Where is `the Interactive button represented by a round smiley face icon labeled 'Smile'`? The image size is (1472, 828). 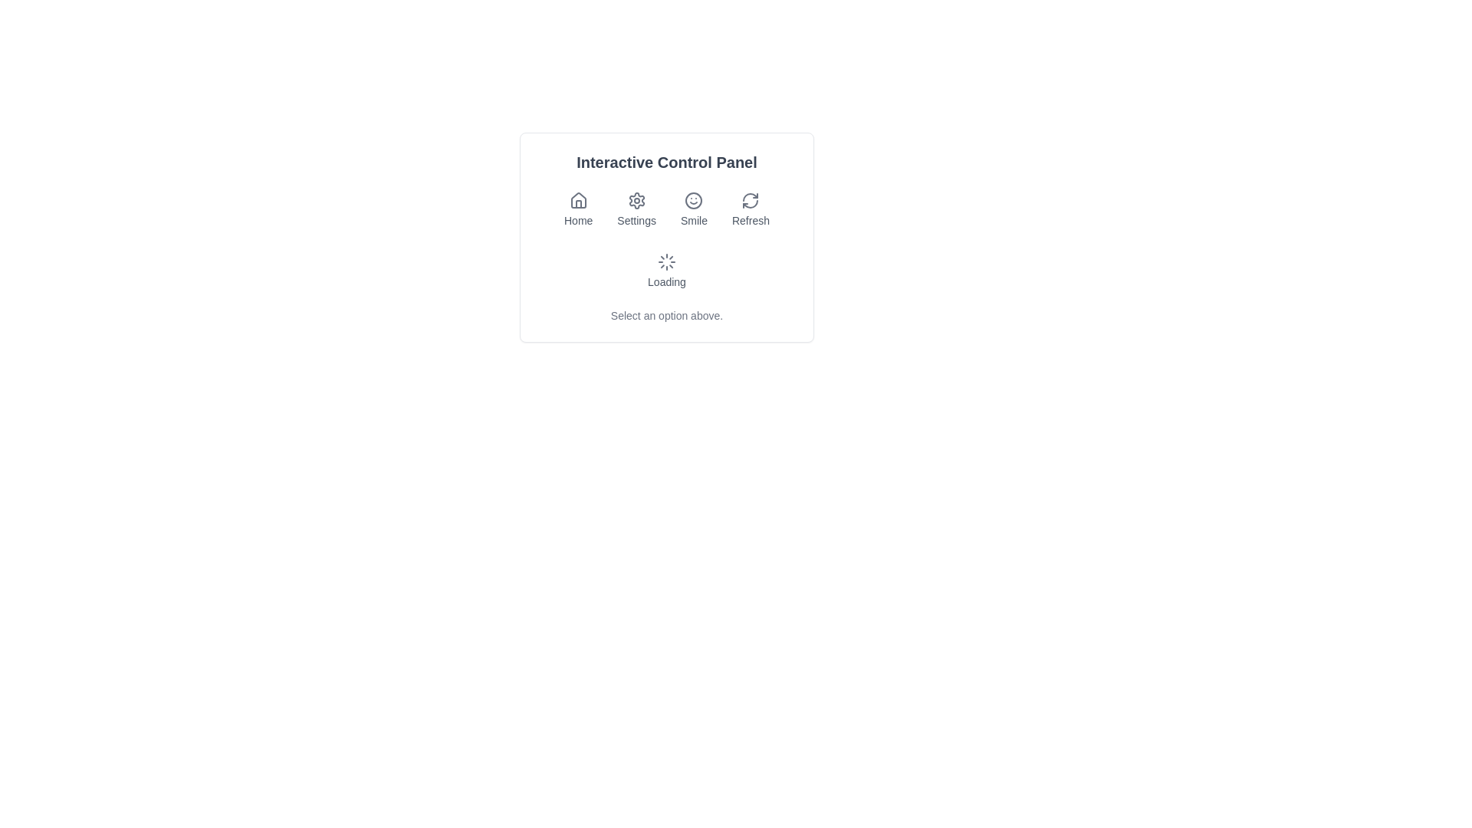 the Interactive button represented by a round smiley face icon labeled 'Smile' is located at coordinates (693, 209).